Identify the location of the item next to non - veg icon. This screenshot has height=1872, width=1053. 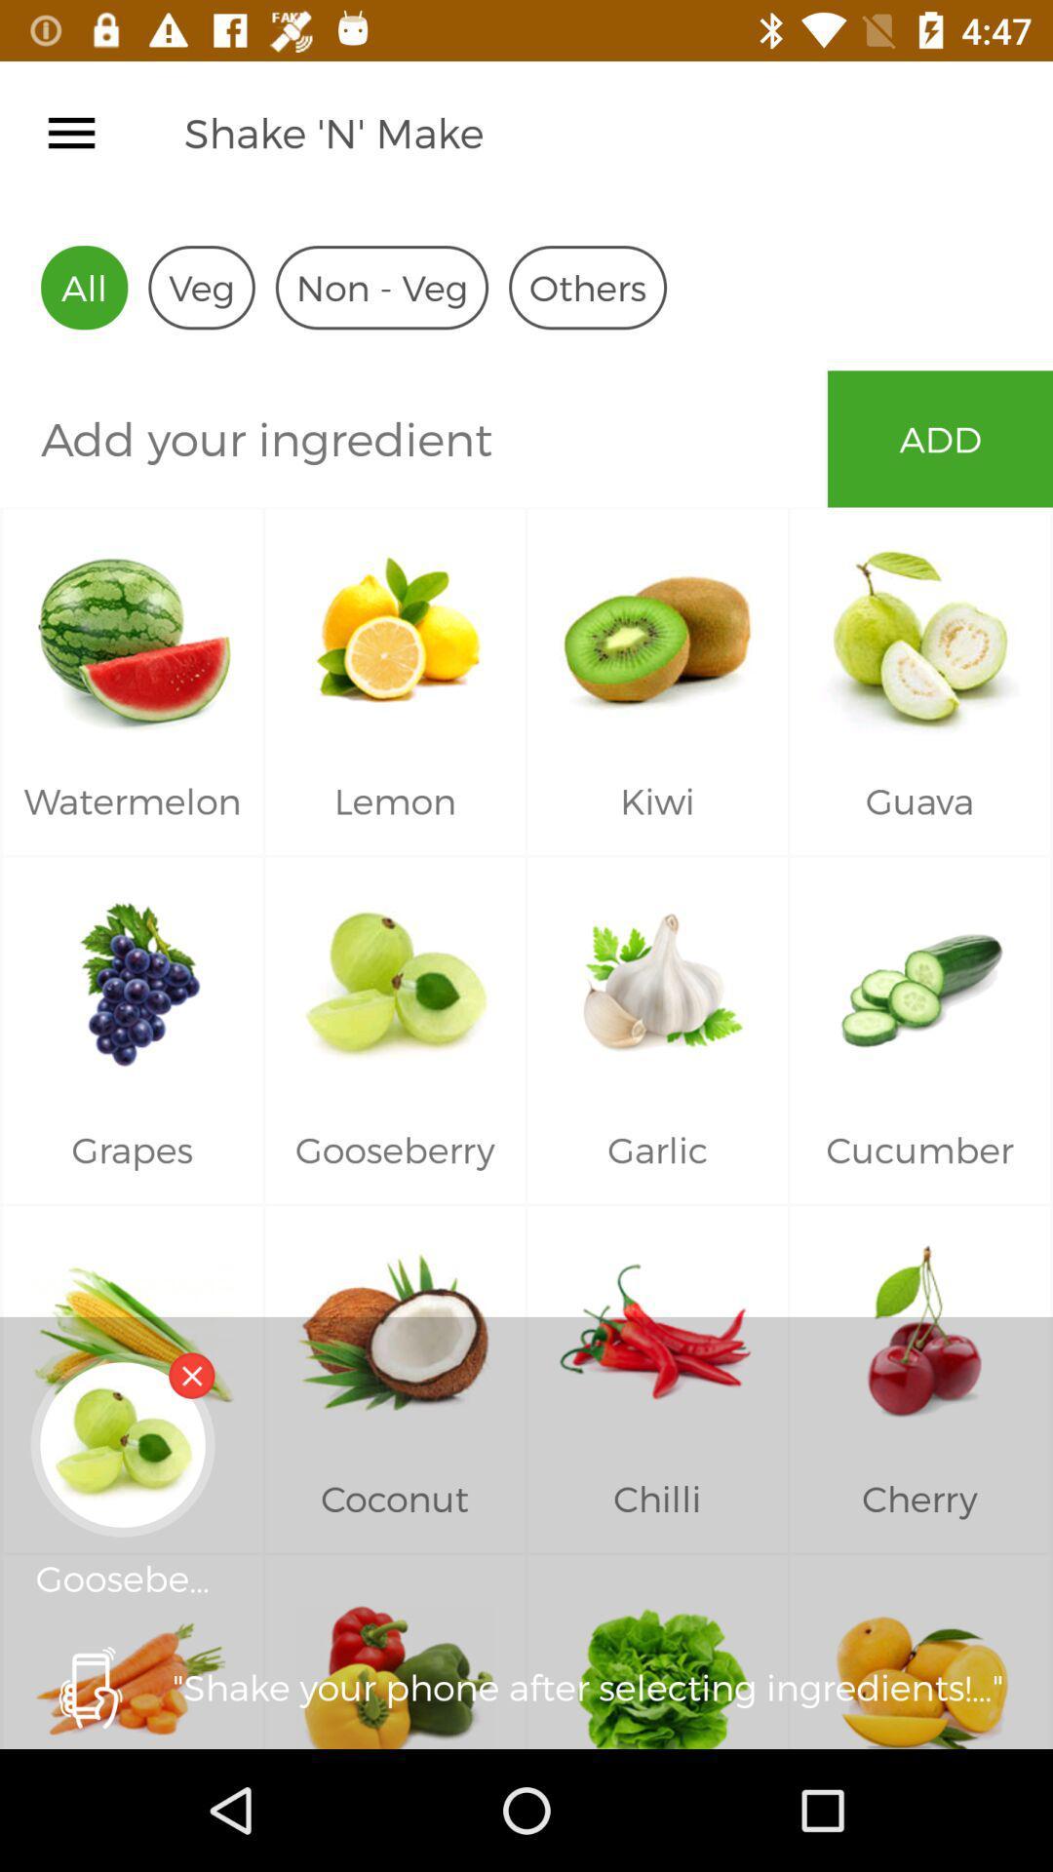
(586, 287).